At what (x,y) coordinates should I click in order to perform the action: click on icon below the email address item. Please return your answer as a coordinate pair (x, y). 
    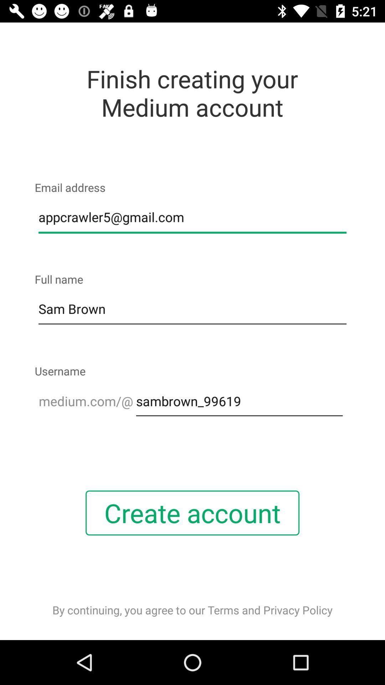
    Looking at the image, I should click on (192, 217).